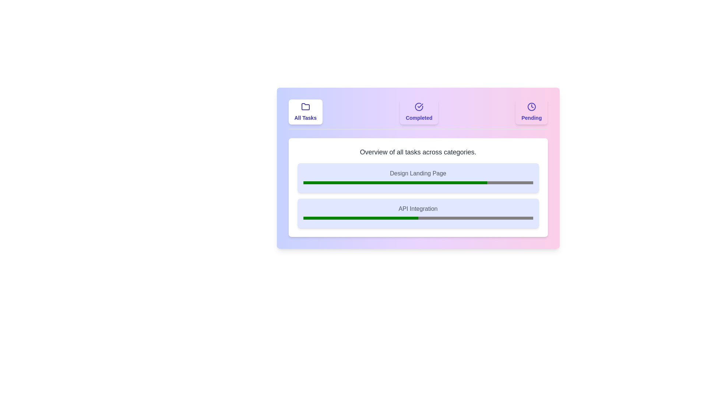 The image size is (707, 398). What do you see at coordinates (418, 168) in the screenshot?
I see `the progress bars in the Dashboard section, which features a gradient background and lists tasks such as 'Design Landing Page' and 'API Integration'` at bounding box center [418, 168].